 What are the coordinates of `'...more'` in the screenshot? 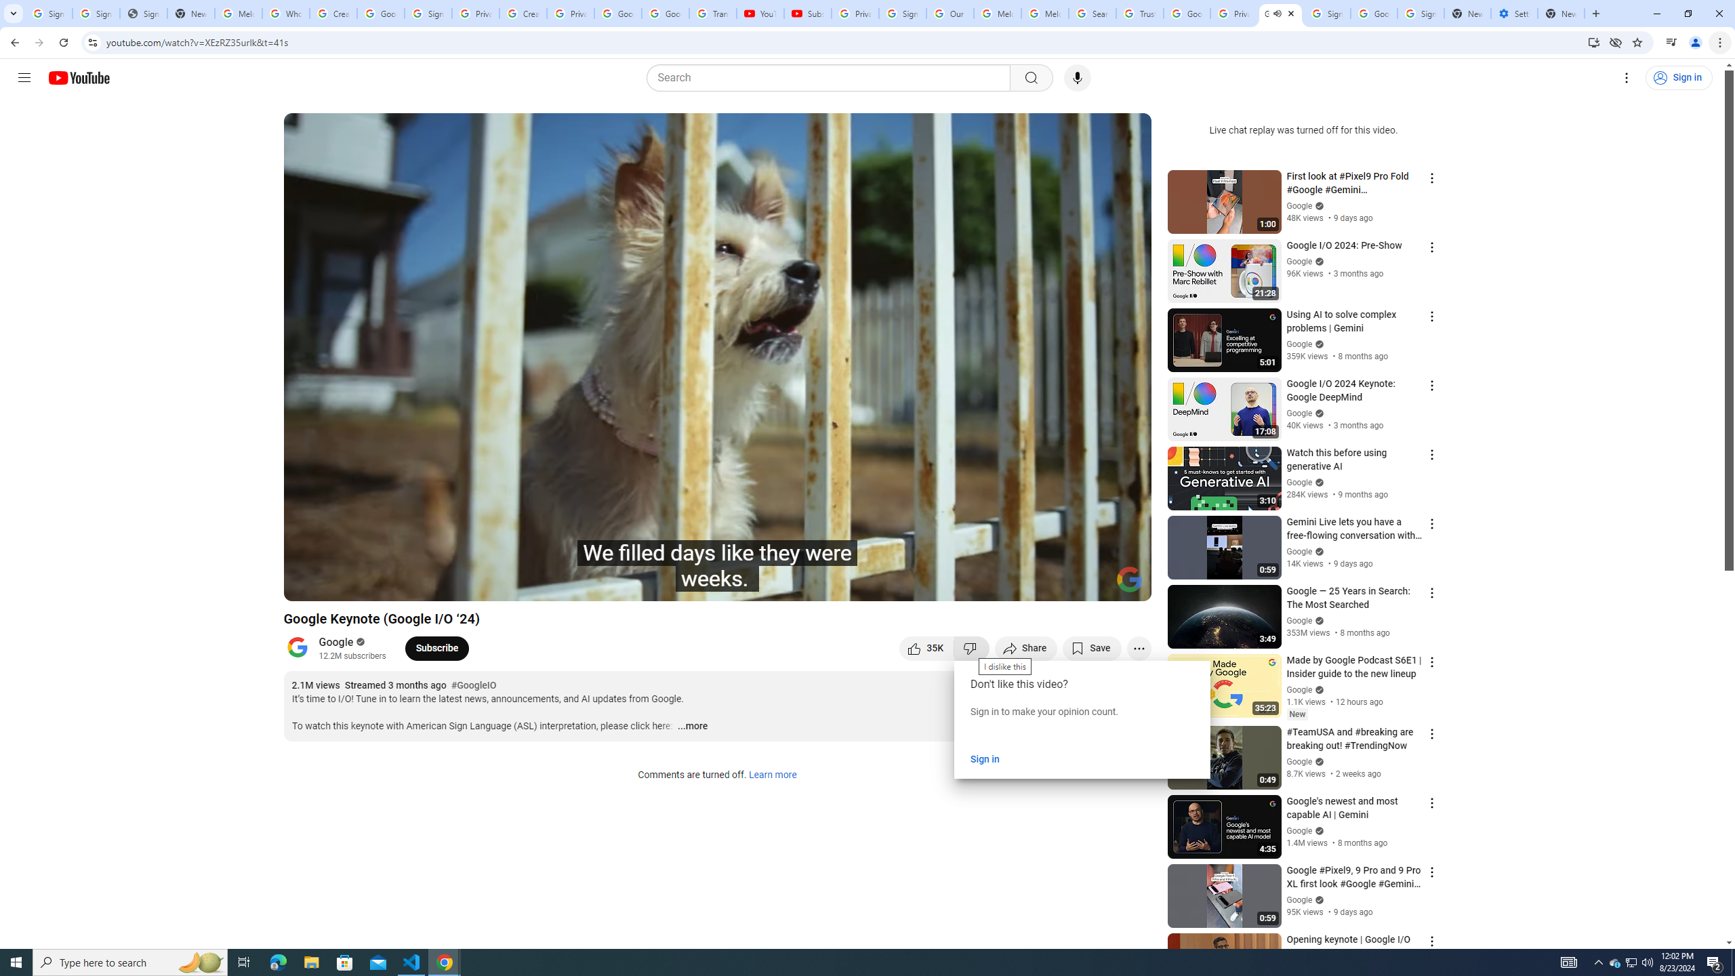 It's located at (691, 727).